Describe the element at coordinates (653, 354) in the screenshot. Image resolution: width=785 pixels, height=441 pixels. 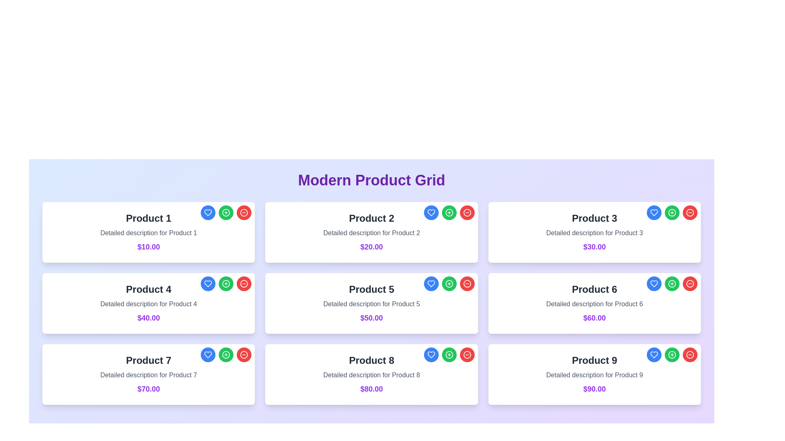
I see `the outlined heart-shaped icon button with a blue stroke located in the top-left position of the button group for Product 9 to favorite or unfavorite the item` at that location.